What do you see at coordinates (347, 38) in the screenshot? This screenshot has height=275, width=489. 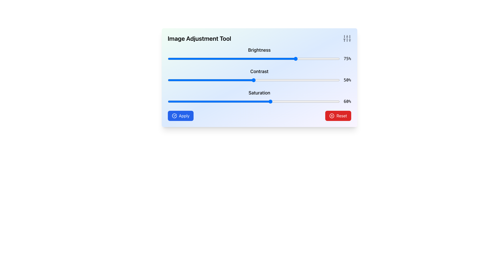 I see `the rightmost icon in the top bar of the 'Image Adjustment Tool'` at bounding box center [347, 38].